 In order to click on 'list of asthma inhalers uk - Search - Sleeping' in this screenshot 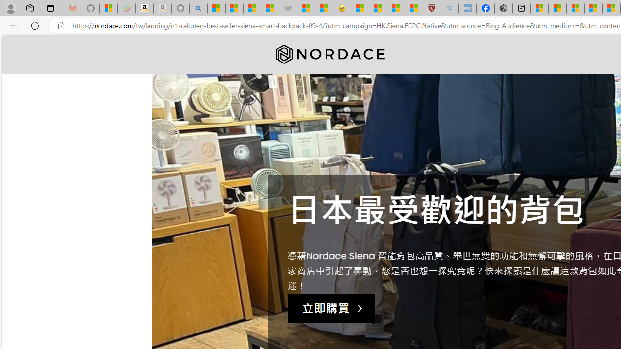, I will do `click(449, 8)`.